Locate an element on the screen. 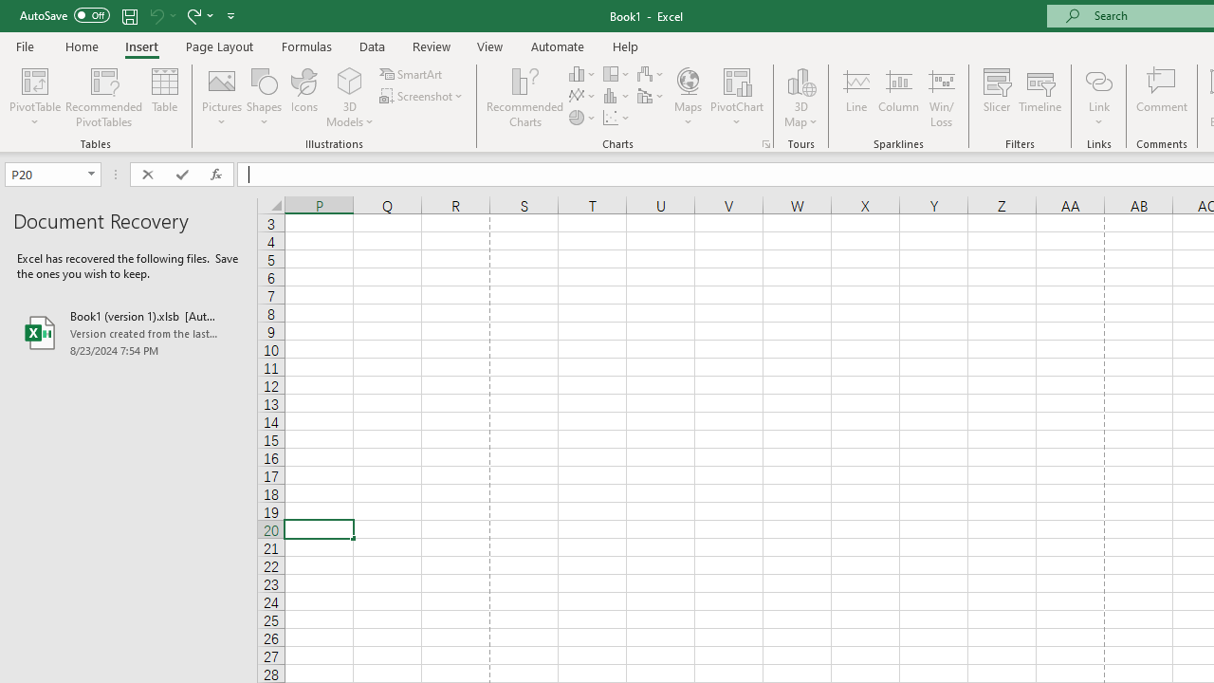 The width and height of the screenshot is (1214, 683). 'Slicer...' is located at coordinates (996, 98).